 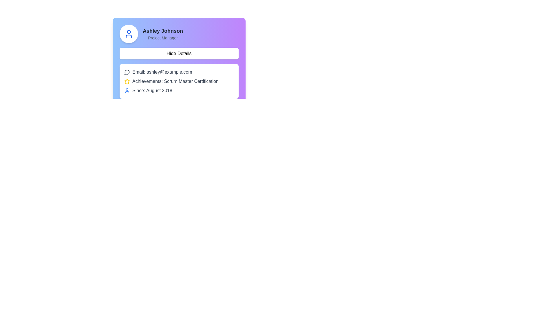 What do you see at coordinates (127, 81) in the screenshot?
I see `the icon that signifies an achievement, located to the left of the text 'Achievements: Scrum Master Certification'` at bounding box center [127, 81].